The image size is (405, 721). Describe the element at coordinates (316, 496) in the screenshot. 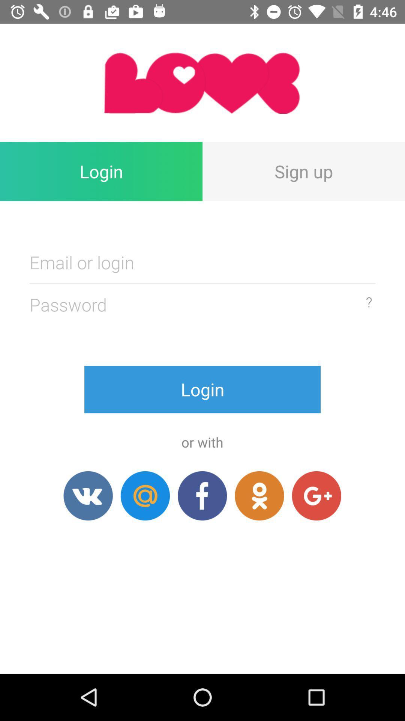

I see `the icon at the bottom right corner` at that location.